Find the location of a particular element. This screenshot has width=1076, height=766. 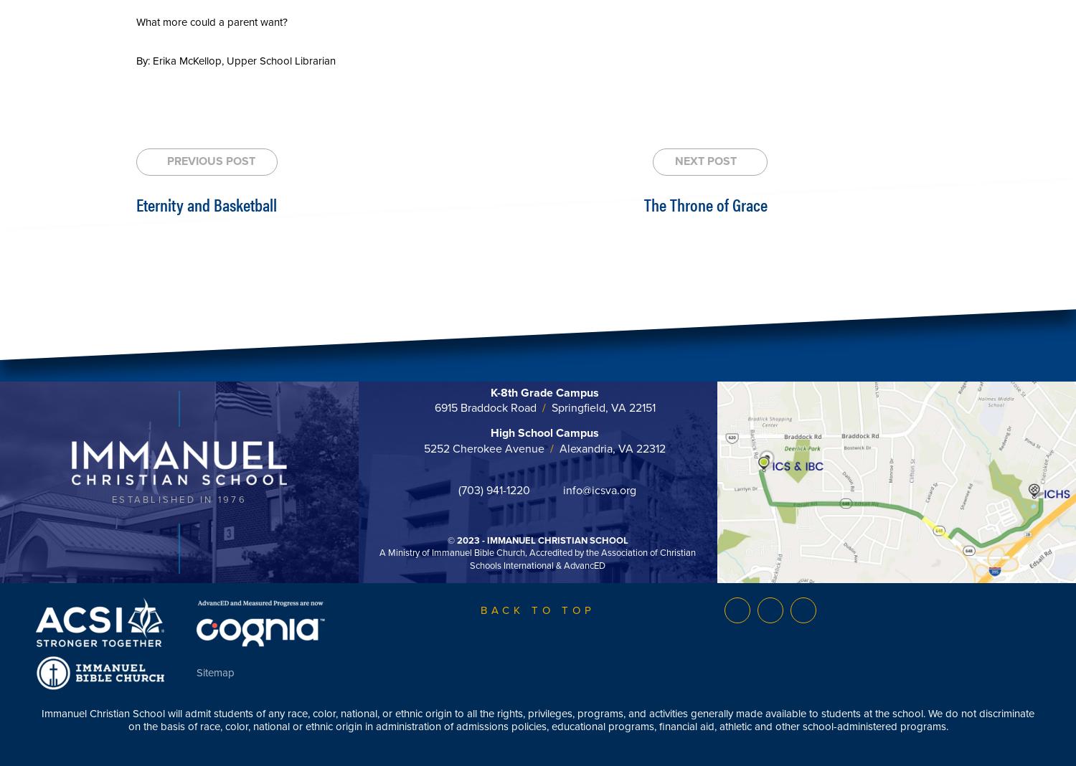

'Eternity and Basketball' is located at coordinates (205, 202).